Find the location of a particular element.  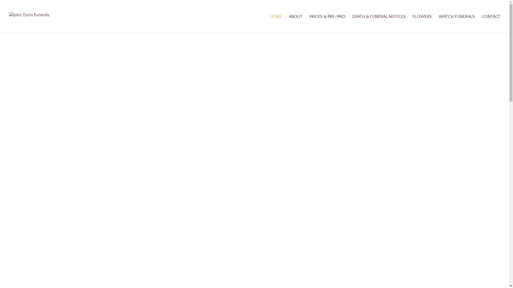

'CONTACT' is located at coordinates (491, 23).